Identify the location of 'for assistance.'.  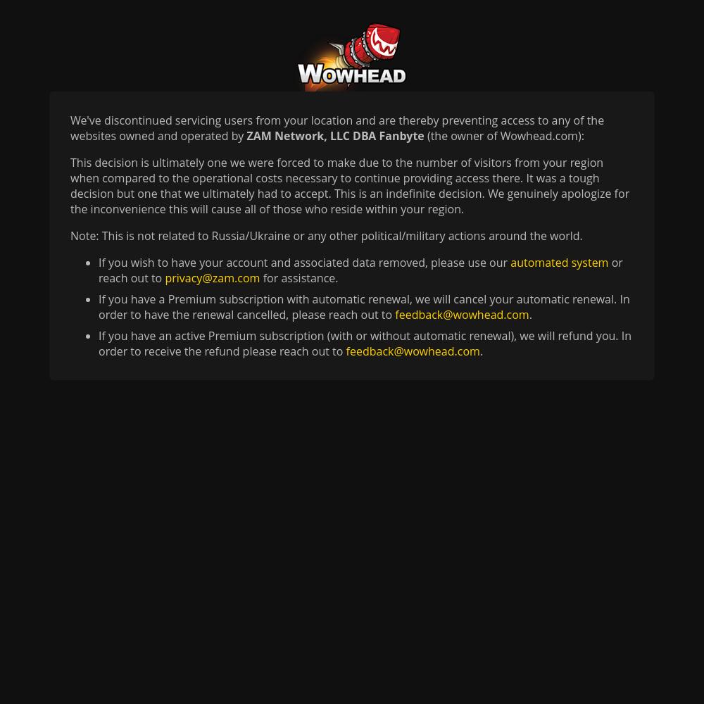
(298, 278).